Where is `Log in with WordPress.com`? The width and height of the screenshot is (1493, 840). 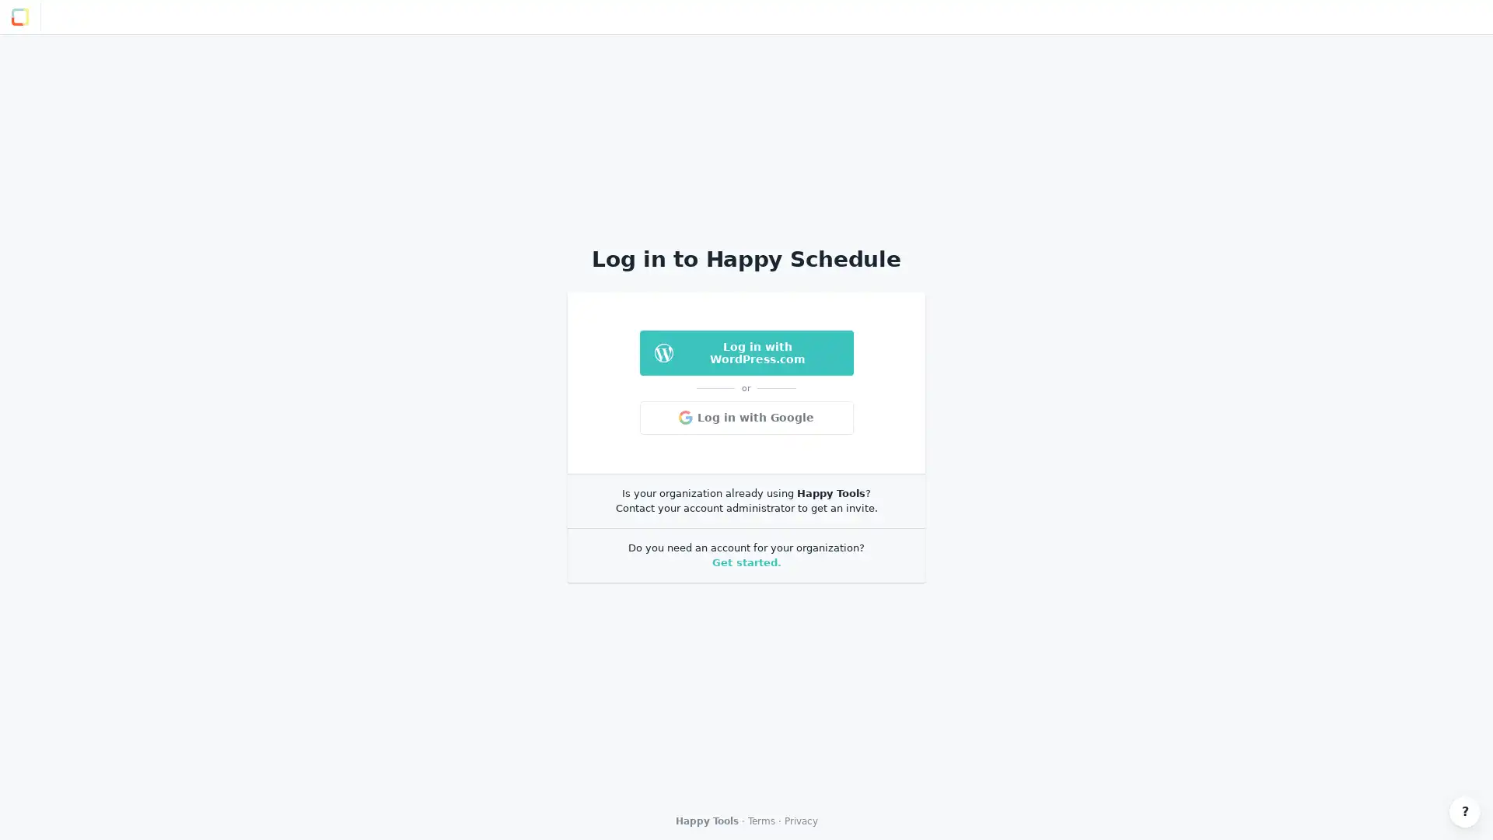 Log in with WordPress.com is located at coordinates (745, 352).